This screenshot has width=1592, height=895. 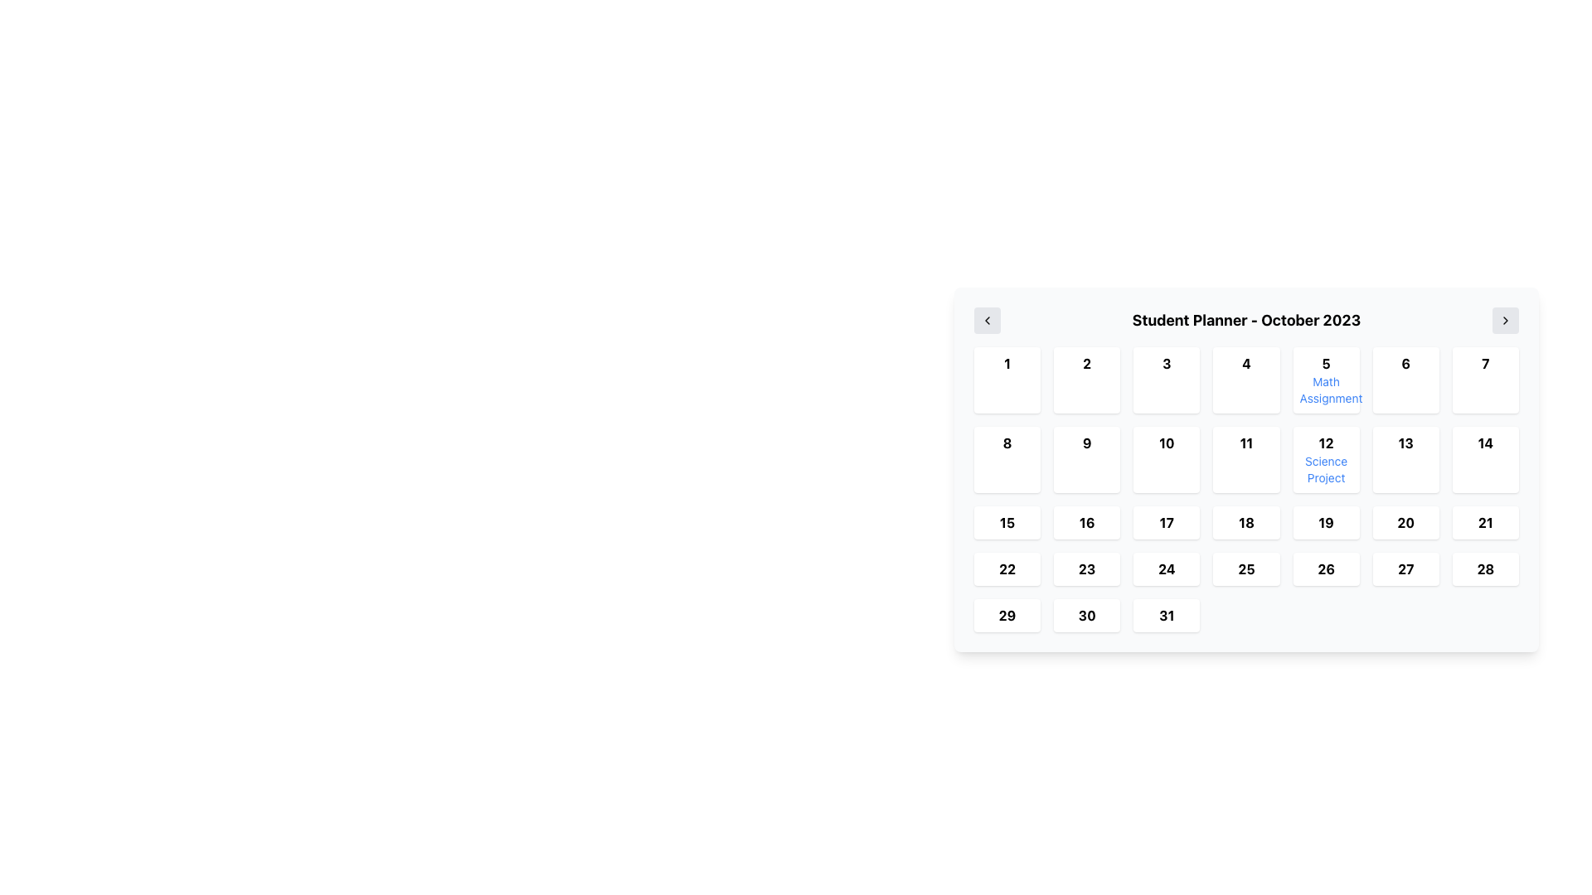 I want to click on the bold-styled number '12' located in the second row, fifth column of the calendar layout to check its details, so click(x=1325, y=443).